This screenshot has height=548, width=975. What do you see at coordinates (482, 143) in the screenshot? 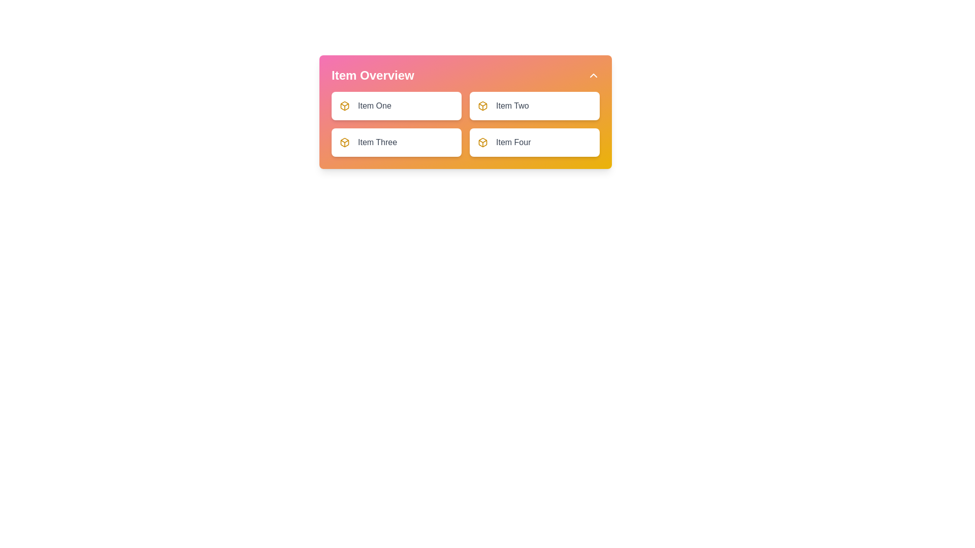
I see `the three-dimensional box icon with a yellow outline located next to the text label 'Item Four' in the bottom-right cell of the 'Item Overview' panel` at bounding box center [482, 143].